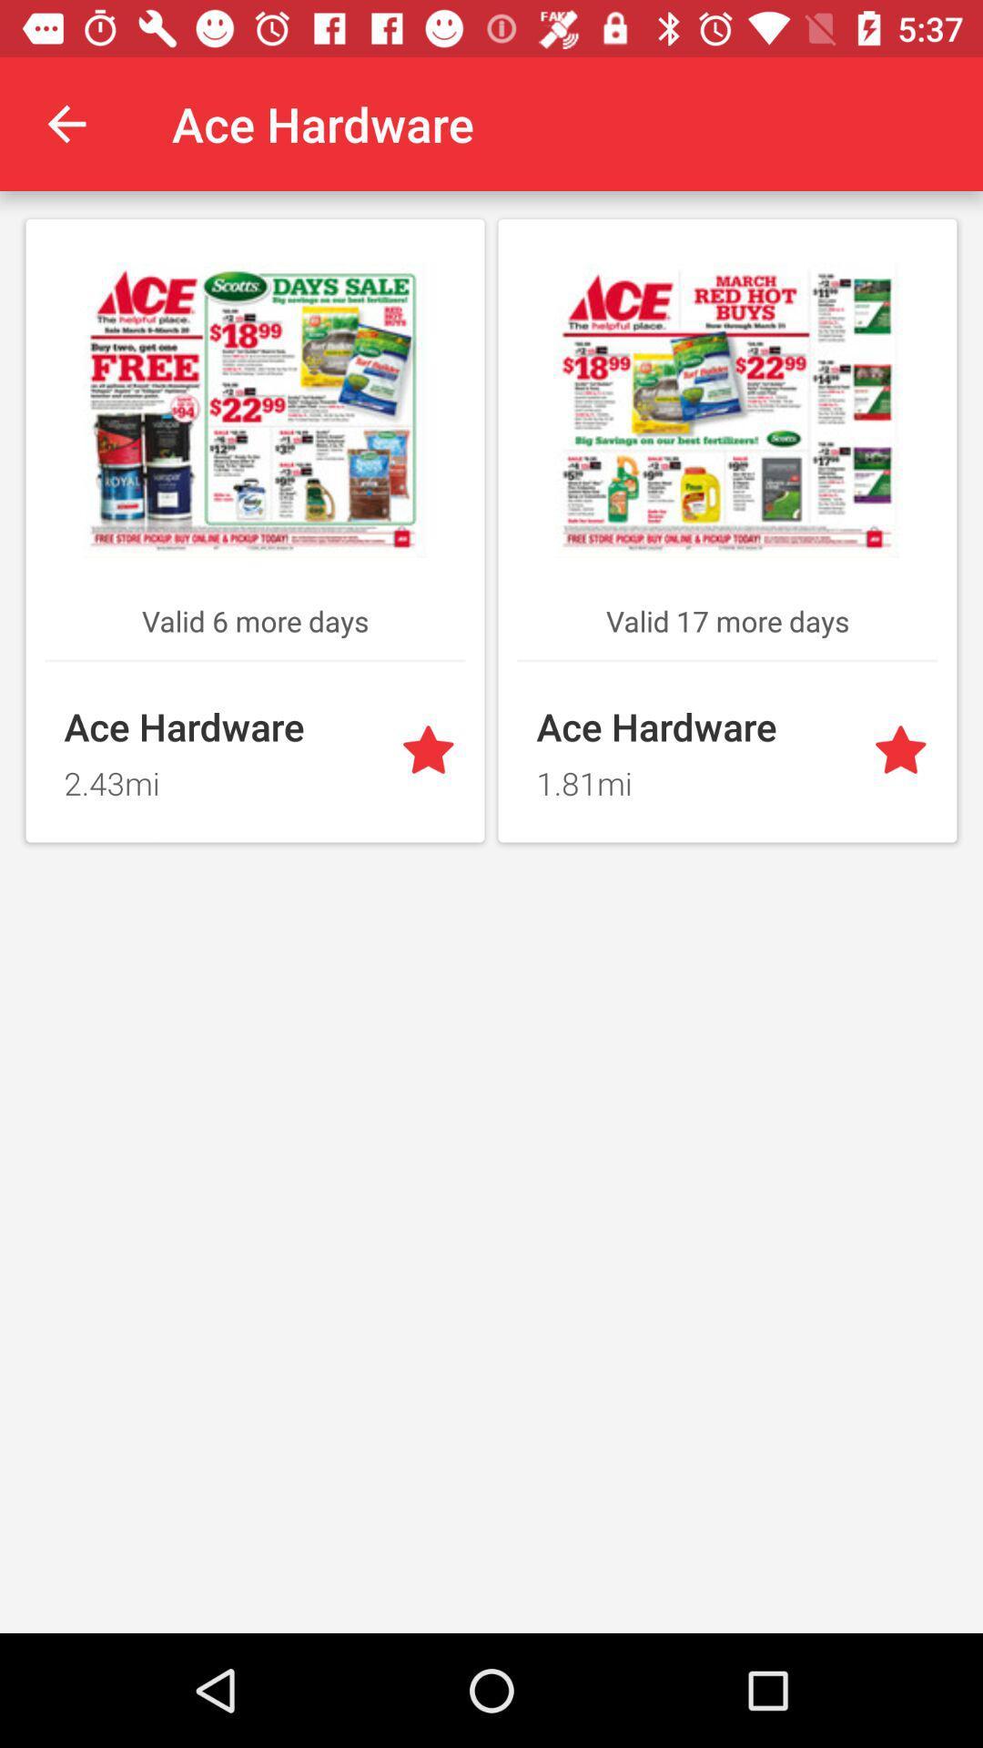 The image size is (983, 1748). Describe the element at coordinates (66, 123) in the screenshot. I see `the icon next to the ace hardware item` at that location.